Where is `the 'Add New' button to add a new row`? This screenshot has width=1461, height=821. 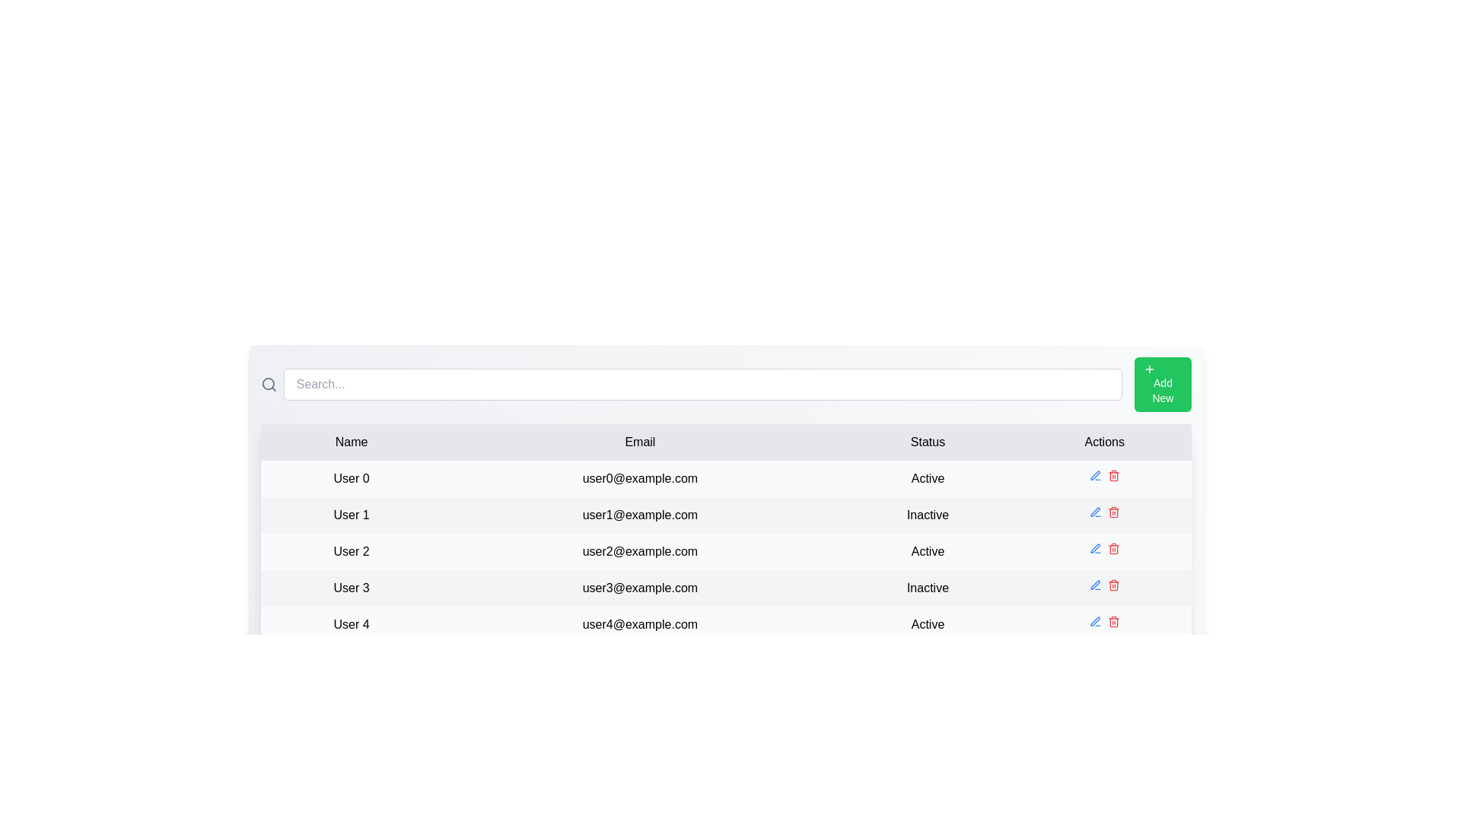
the 'Add New' button to add a new row is located at coordinates (1161, 383).